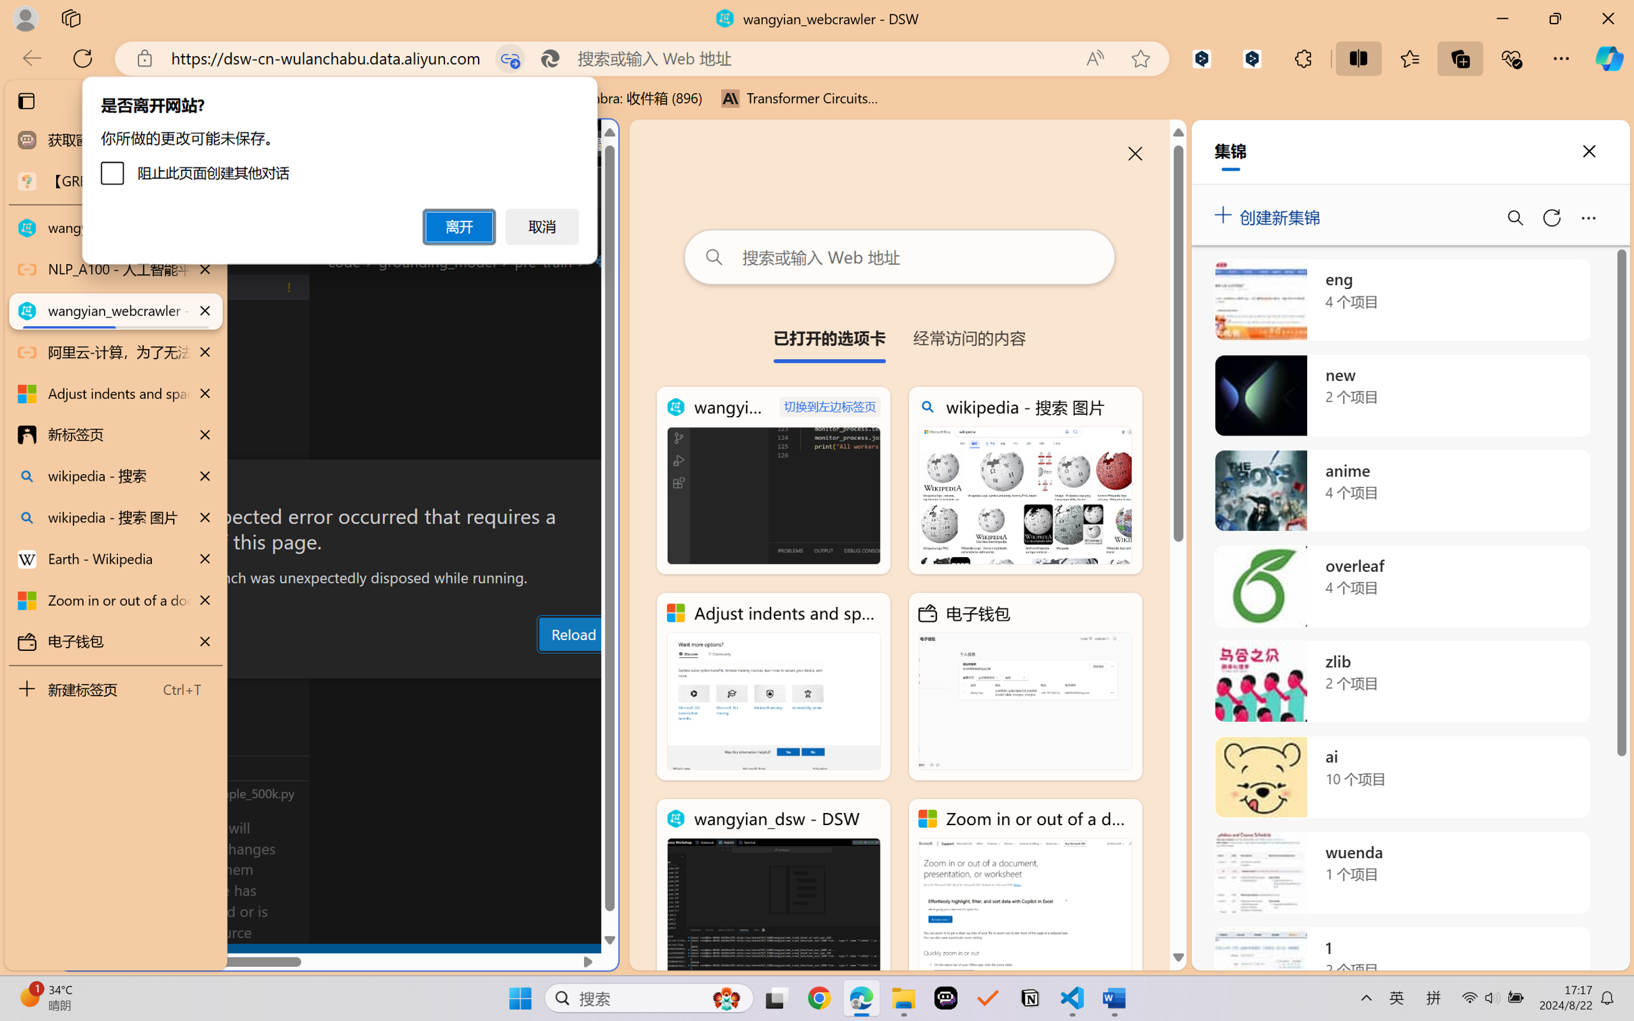  I want to click on 'Adjust indents and spacing - Microsoft Support', so click(773, 687).